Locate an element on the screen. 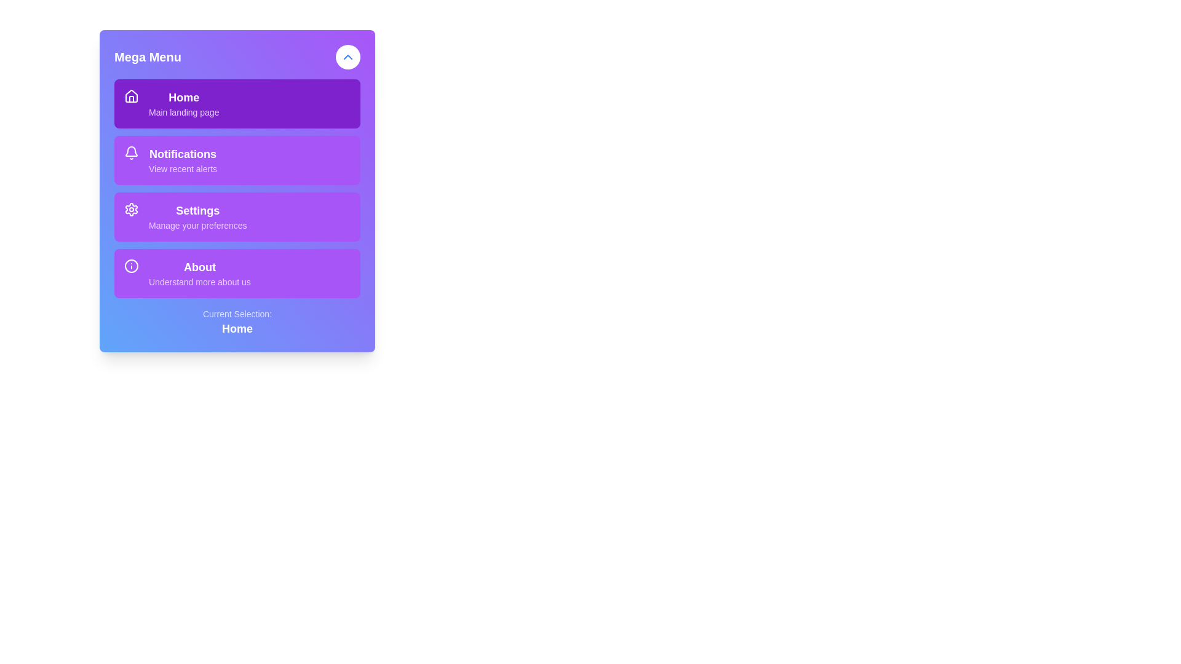 Image resolution: width=1181 pixels, height=664 pixels. the 'Notifications' text display component, which features bold, white text on a purple background, positioned between 'Home' and 'Settings' in the menu layout is located at coordinates (182, 160).